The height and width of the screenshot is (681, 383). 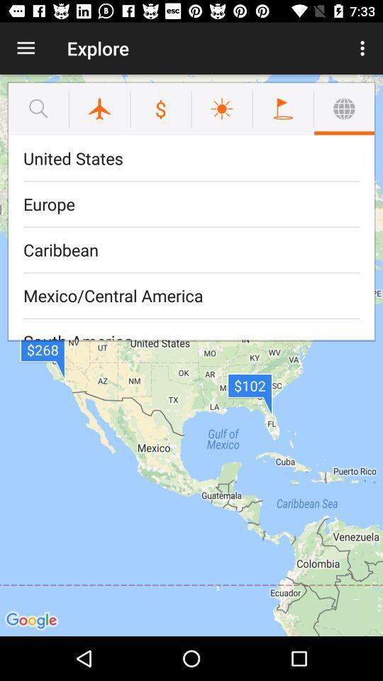 I want to click on the item to the left of the explore item, so click(x=26, y=48).